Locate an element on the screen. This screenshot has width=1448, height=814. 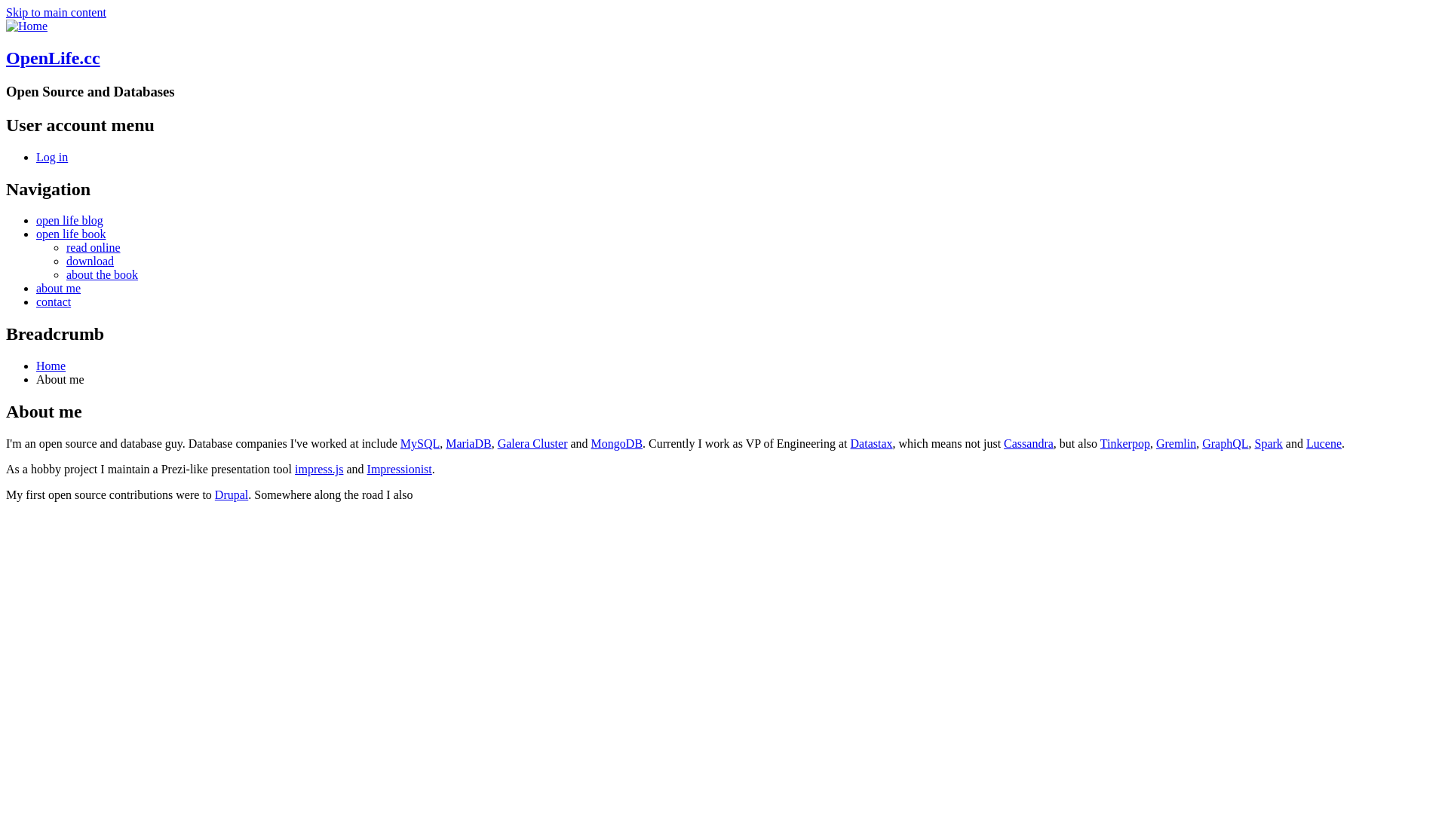
'download' is located at coordinates (65, 260).